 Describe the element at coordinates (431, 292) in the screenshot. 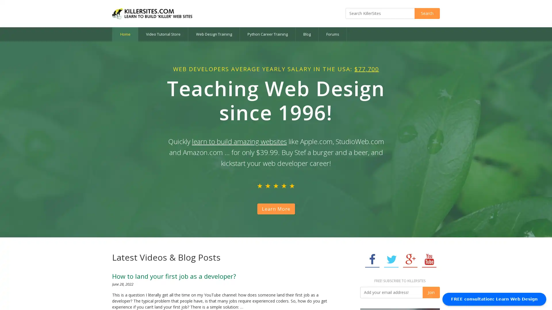

I see `Join` at that location.